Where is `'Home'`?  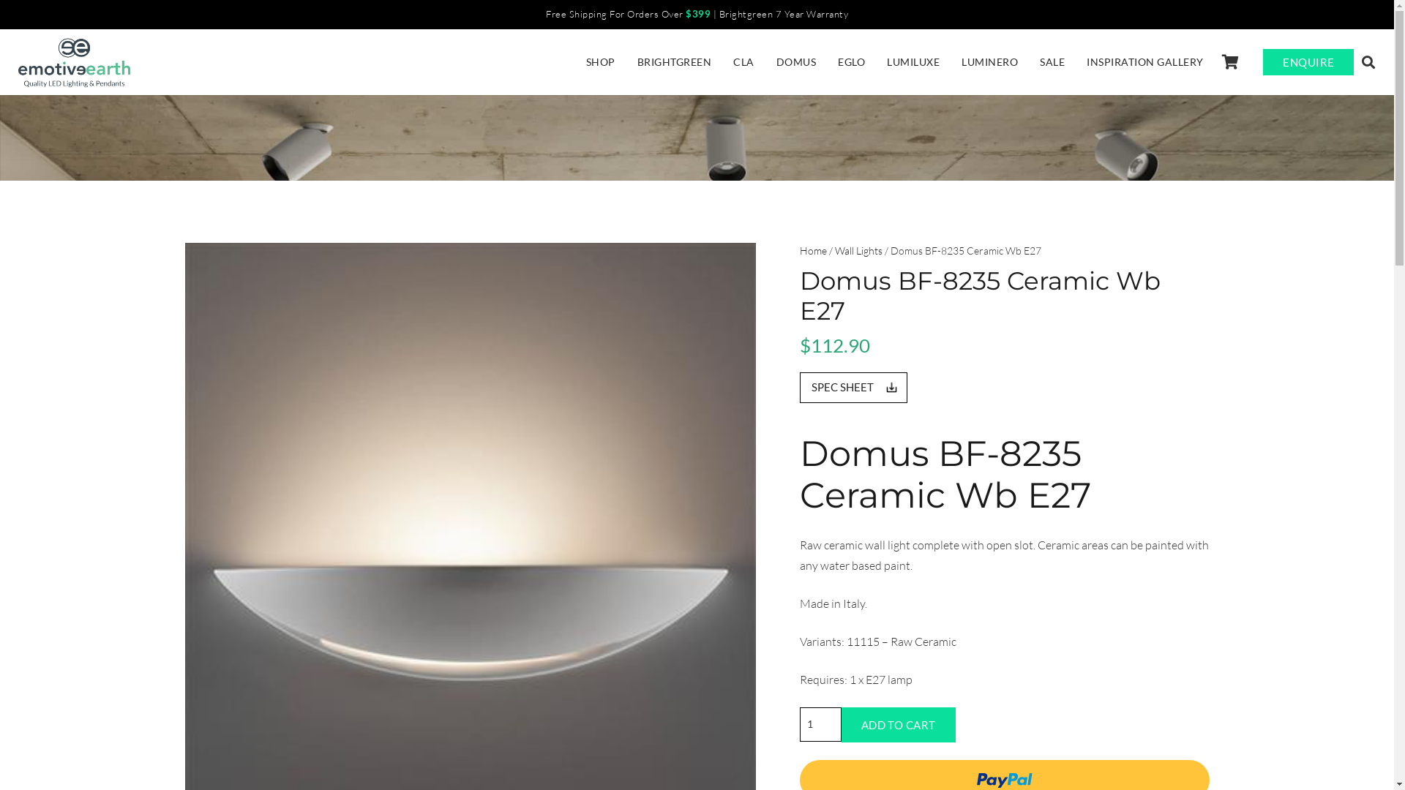
'Home' is located at coordinates (798, 249).